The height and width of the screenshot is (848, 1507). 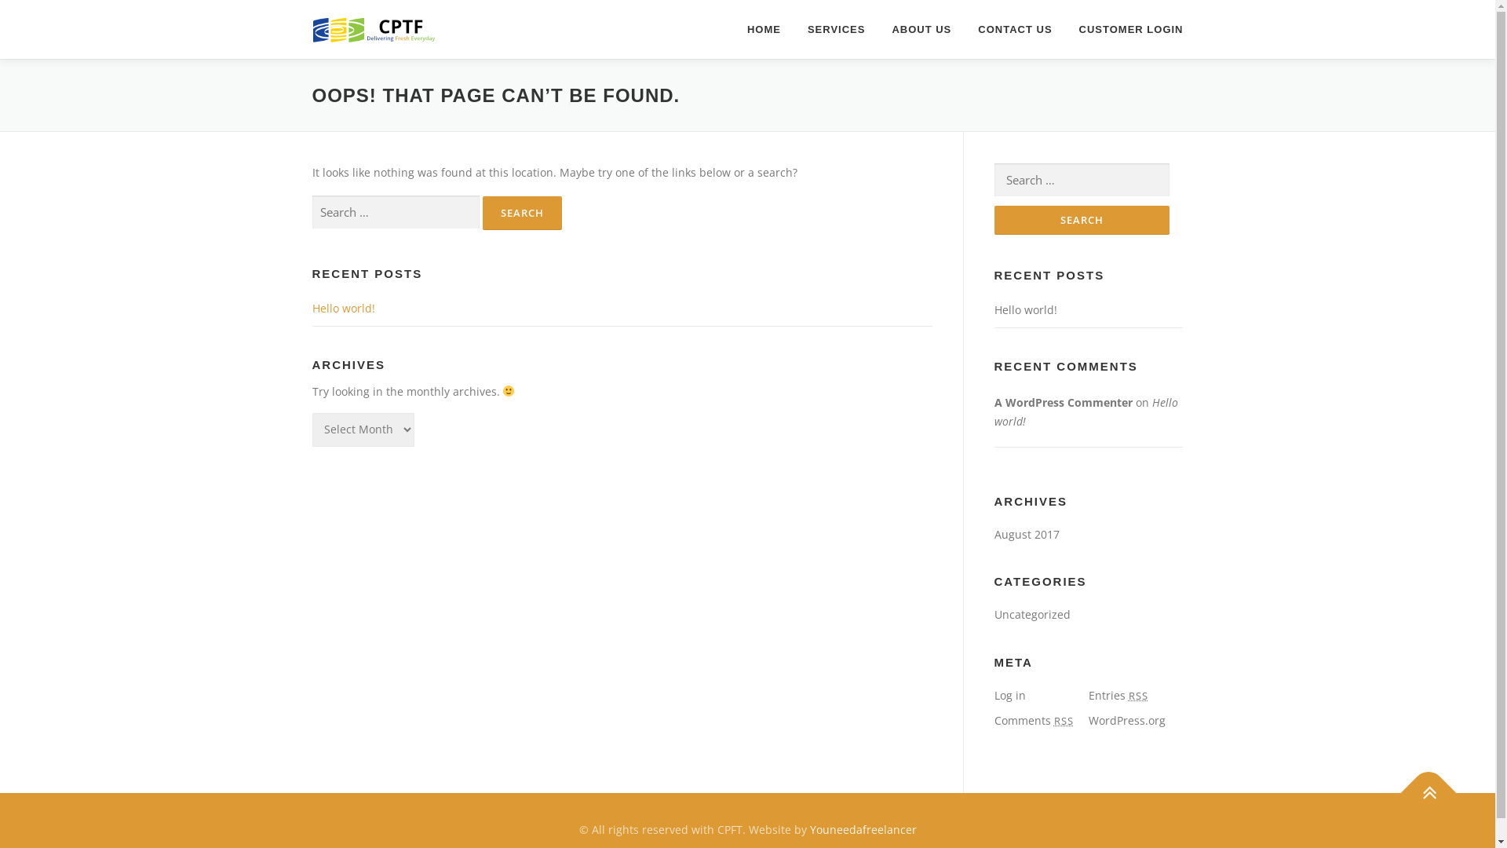 I want to click on 'Skip to content', so click(x=38, y=9).